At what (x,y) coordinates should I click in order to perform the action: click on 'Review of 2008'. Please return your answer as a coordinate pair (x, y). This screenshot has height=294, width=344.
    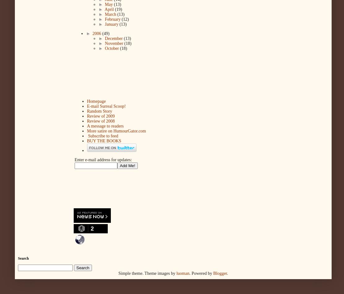
    Looking at the image, I should click on (100, 121).